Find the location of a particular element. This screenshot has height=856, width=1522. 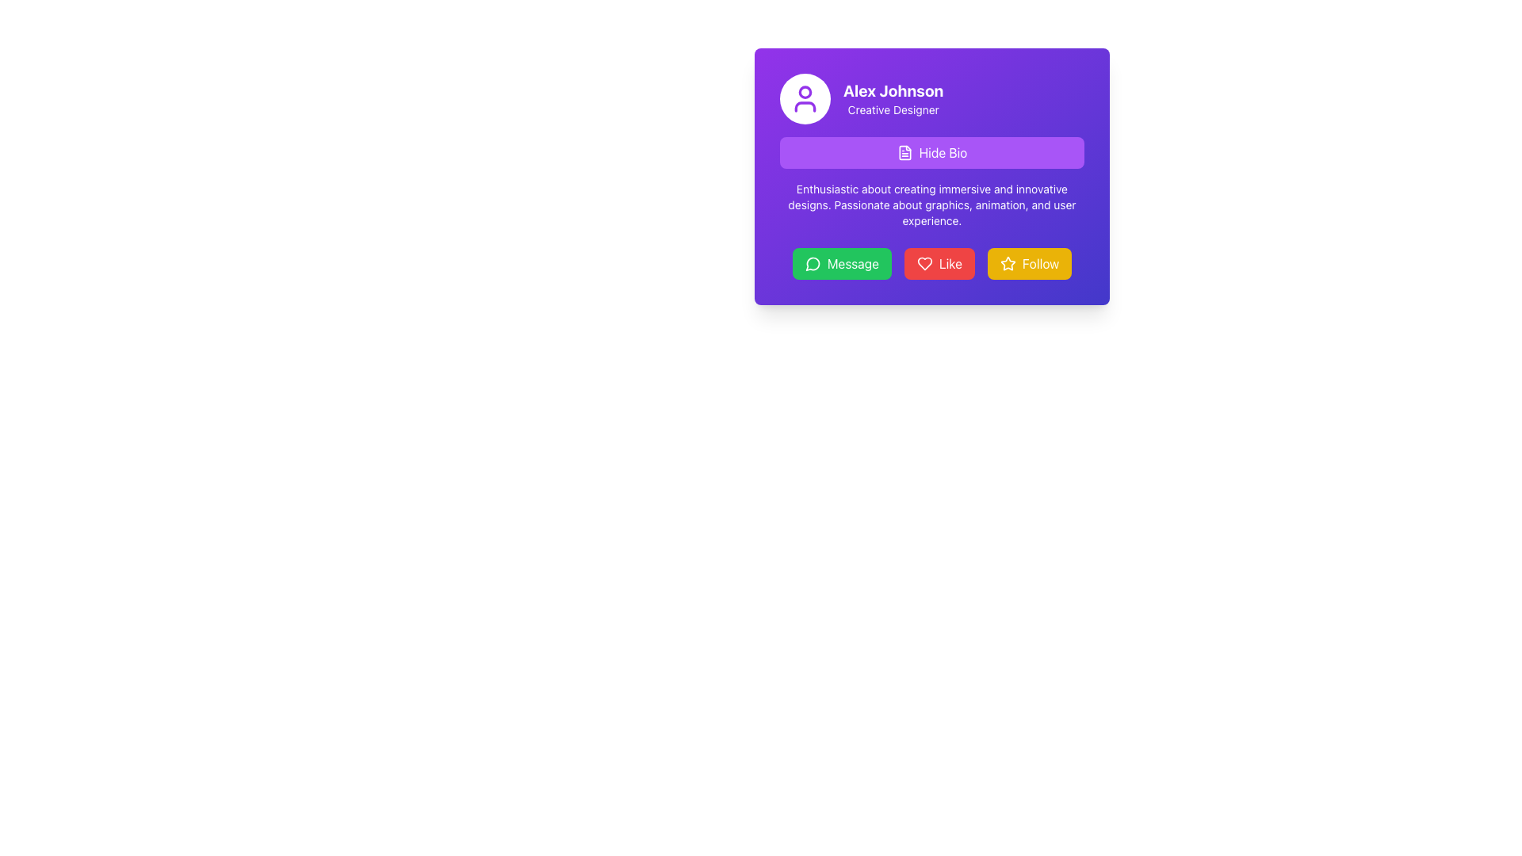

the text label representing the individual's name within the profile card for accessibility purposes is located at coordinates (893, 91).